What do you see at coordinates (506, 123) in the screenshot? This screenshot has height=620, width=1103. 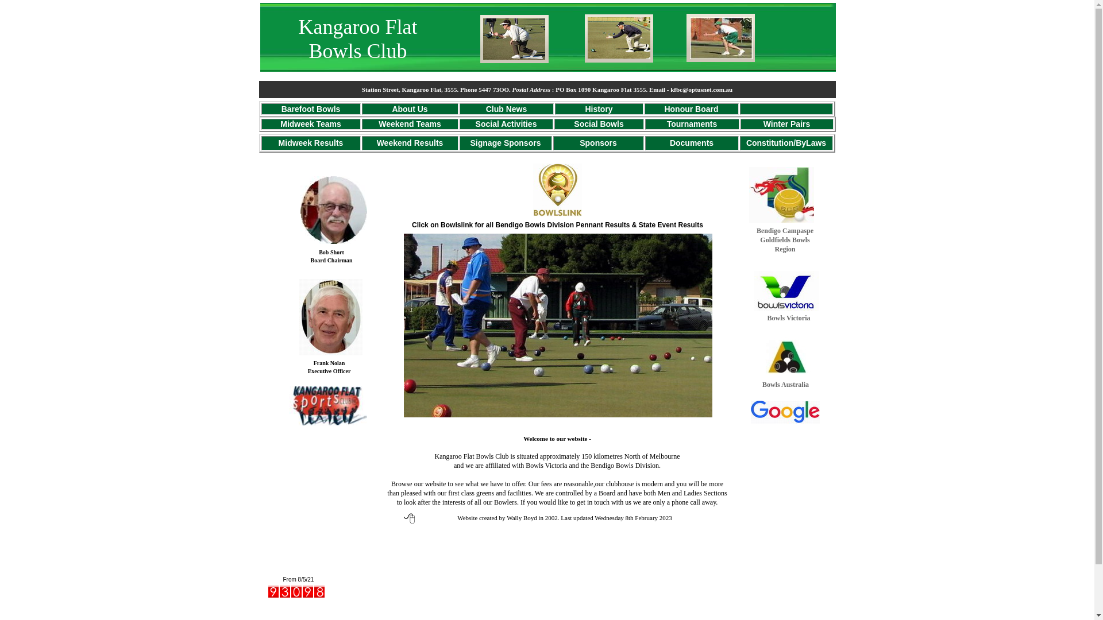 I see `'Social Activities'` at bounding box center [506, 123].